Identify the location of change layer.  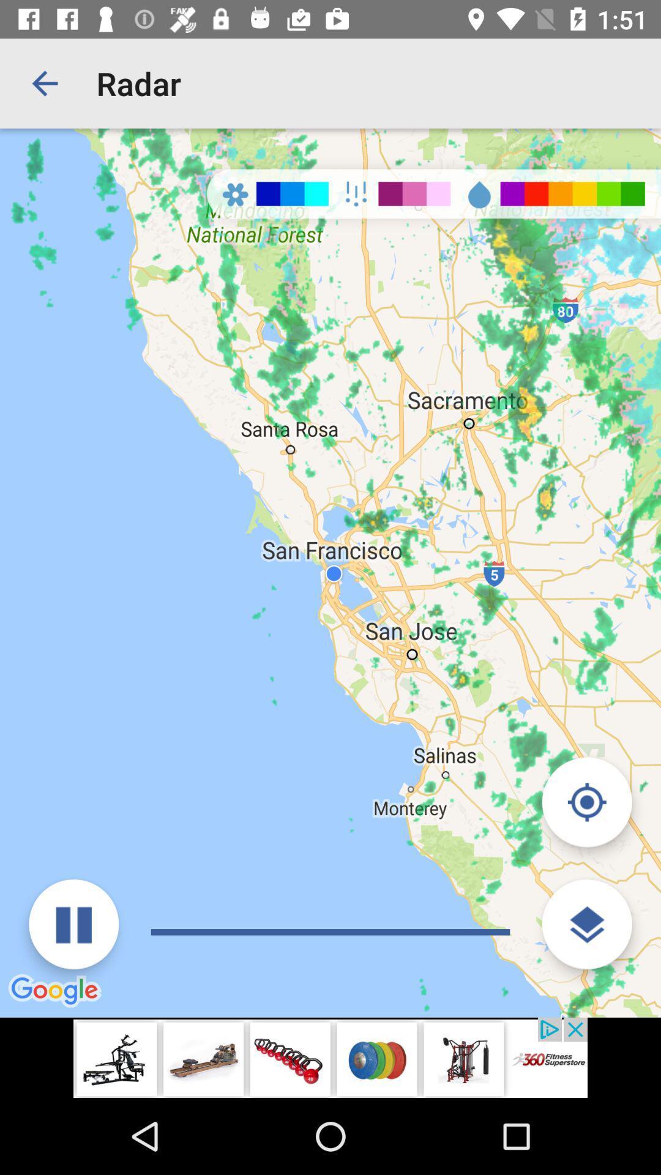
(586, 924).